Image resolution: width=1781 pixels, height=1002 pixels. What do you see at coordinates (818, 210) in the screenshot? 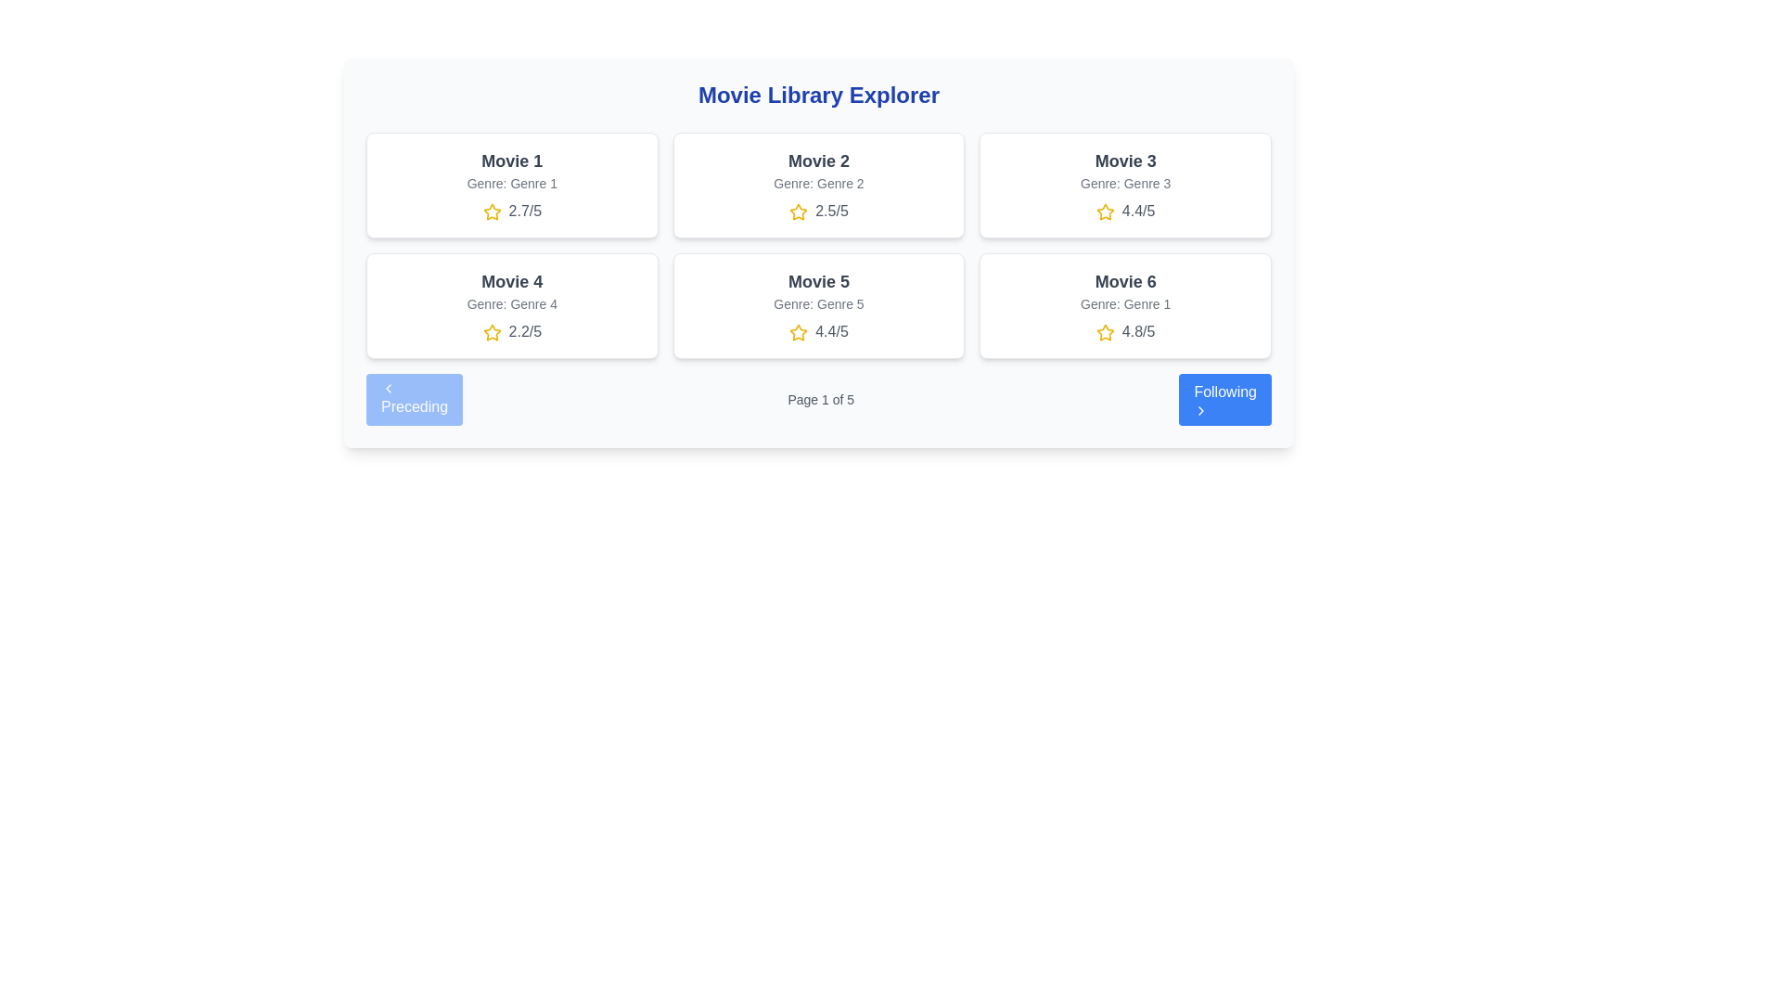
I see `the rating component displaying '2.5/5' with a yellow star icon, located in the 'Movie 2' card in the 'Movie Library Explorer' layout` at bounding box center [818, 210].